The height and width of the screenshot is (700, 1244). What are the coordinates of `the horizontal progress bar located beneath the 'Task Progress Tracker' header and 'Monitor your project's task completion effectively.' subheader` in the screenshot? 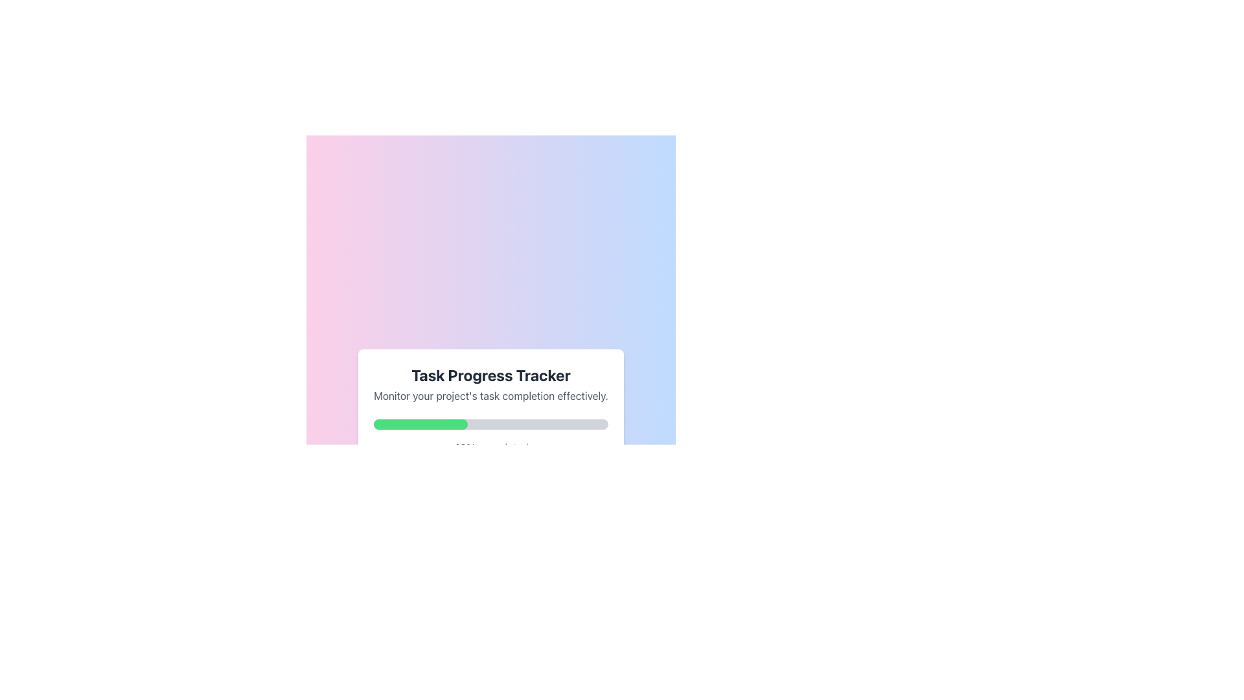 It's located at (490, 425).